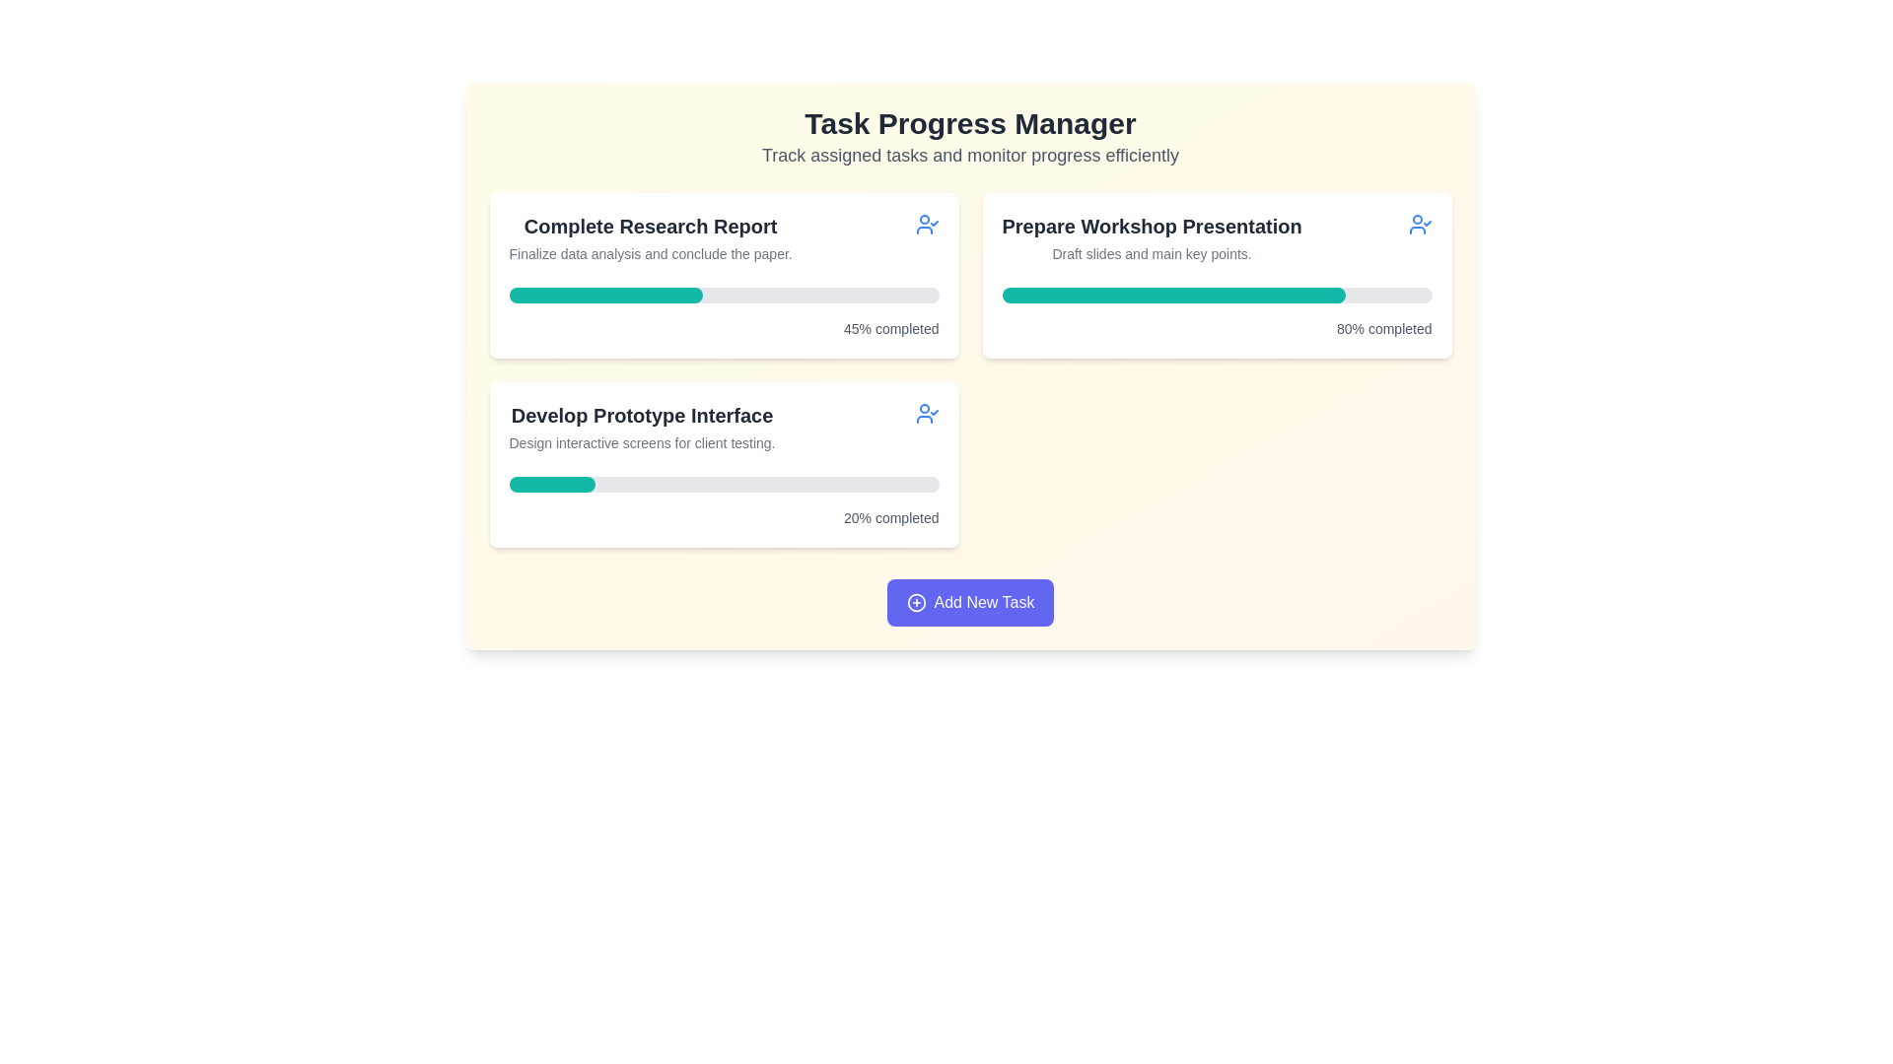 The width and height of the screenshot is (1893, 1064). I want to click on the progress bar segment indicating 80% completion within the 'Prepare Workshop Presentation' card located at the top right of the layout, so click(1173, 296).